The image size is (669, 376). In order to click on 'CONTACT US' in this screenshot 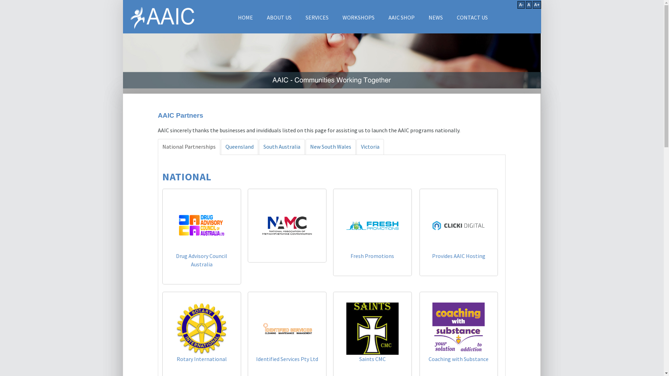, I will do `click(472, 17)`.